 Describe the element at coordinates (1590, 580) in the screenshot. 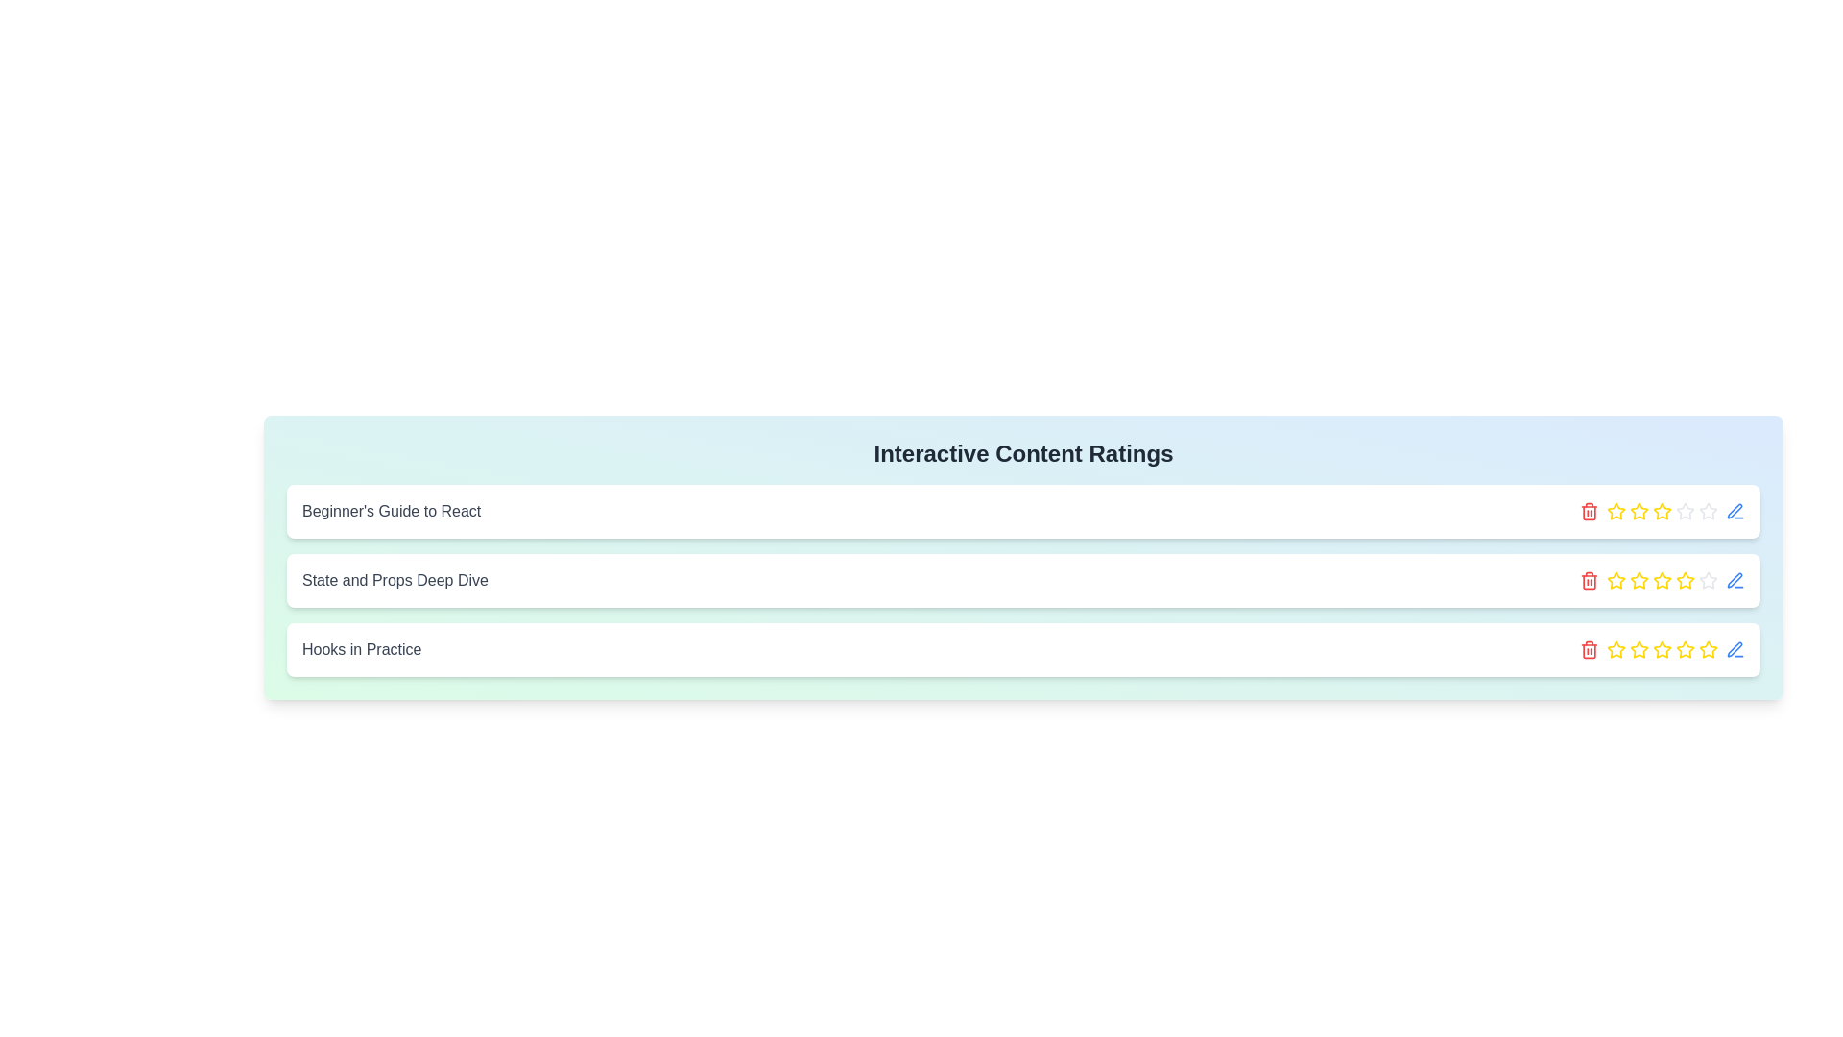

I see `the delete button located on the far left of the row containing the 'State and Props Deep Dive' text, preceding a 5-star rating and to the left of a blue edit icon` at that location.